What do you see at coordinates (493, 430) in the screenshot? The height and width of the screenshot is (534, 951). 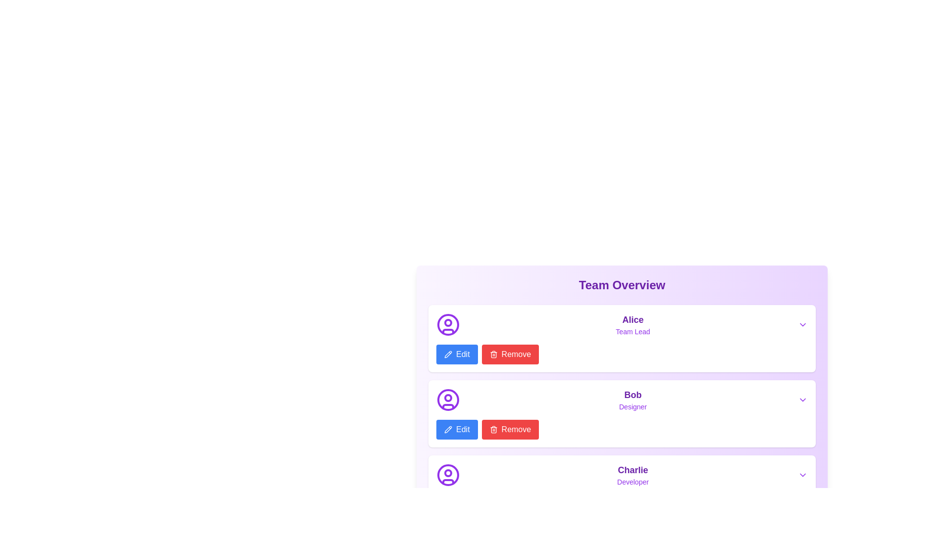 I see `the trash bin icon, which is part of the red 'Remove' button located to the right of the 'Edit' button in the second entry of the user cards list` at bounding box center [493, 430].